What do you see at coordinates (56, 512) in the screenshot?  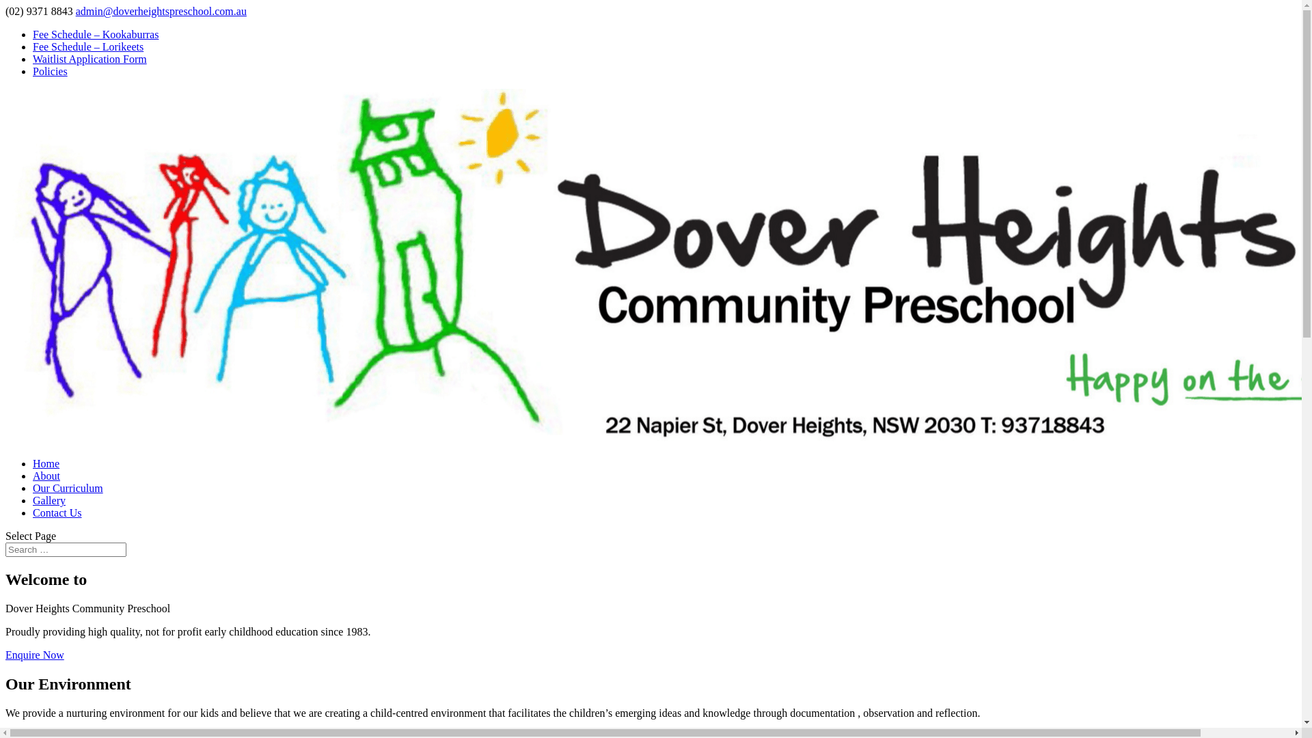 I see `'Contact Us'` at bounding box center [56, 512].